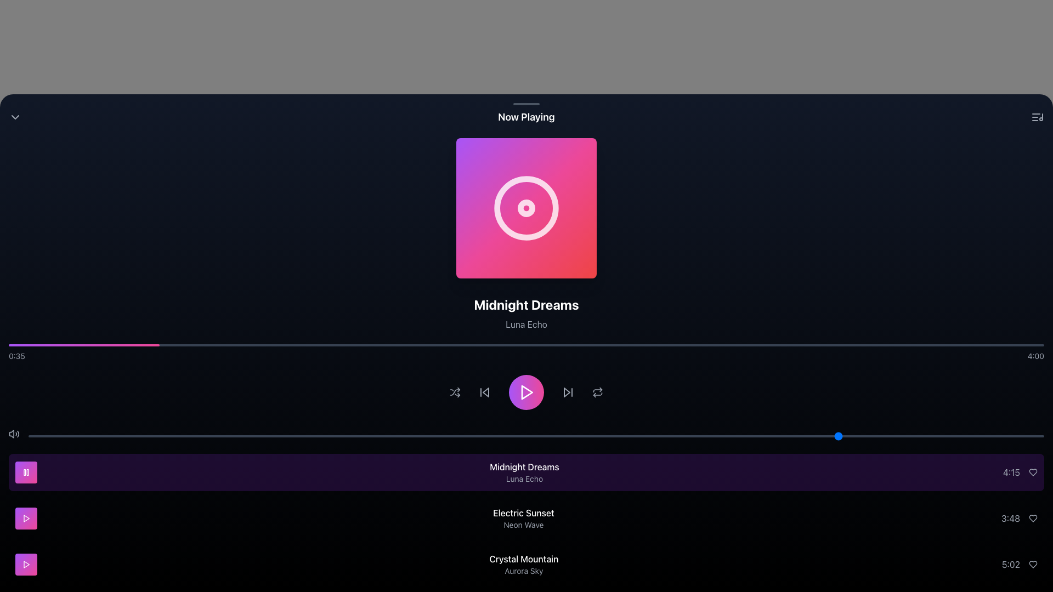  I want to click on the pink triangle button located in the third position of the vertical stack of buttons on the lower left corner of the interface, so click(26, 564).